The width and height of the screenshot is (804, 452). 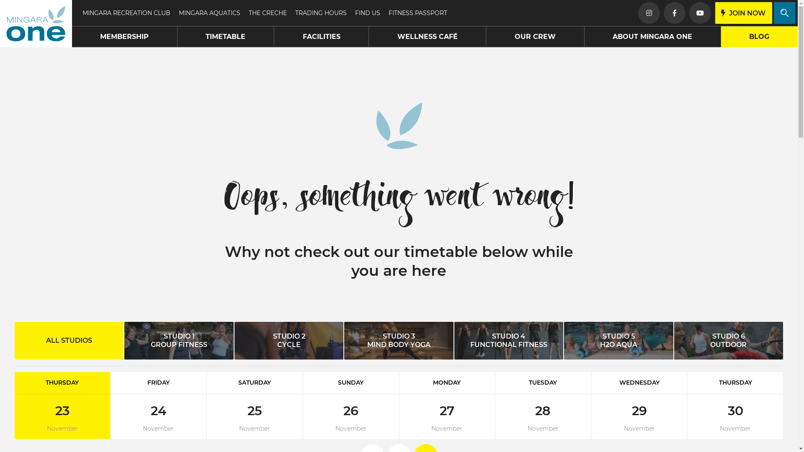 What do you see at coordinates (178, 340) in the screenshot?
I see `'STUDIO 1` at bounding box center [178, 340].